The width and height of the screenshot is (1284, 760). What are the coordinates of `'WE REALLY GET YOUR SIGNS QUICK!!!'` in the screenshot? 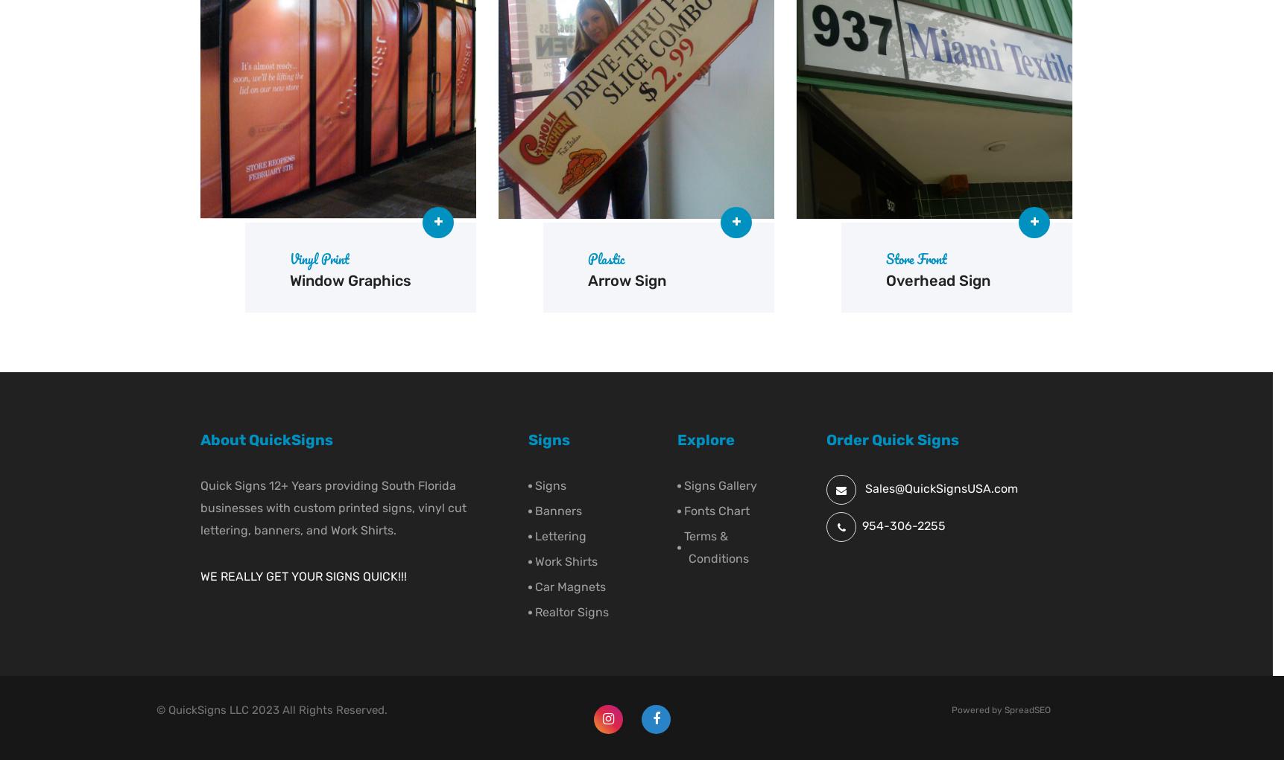 It's located at (303, 576).